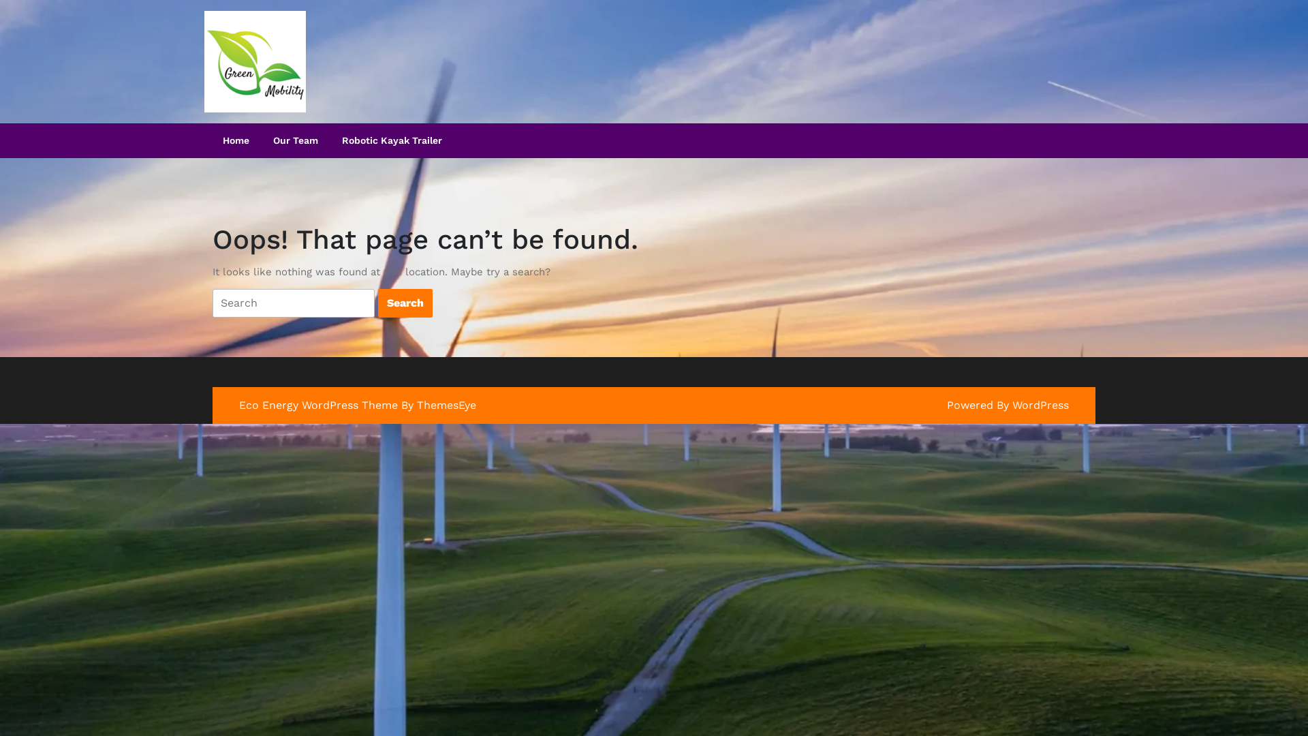  What do you see at coordinates (405, 302) in the screenshot?
I see `'Search'` at bounding box center [405, 302].